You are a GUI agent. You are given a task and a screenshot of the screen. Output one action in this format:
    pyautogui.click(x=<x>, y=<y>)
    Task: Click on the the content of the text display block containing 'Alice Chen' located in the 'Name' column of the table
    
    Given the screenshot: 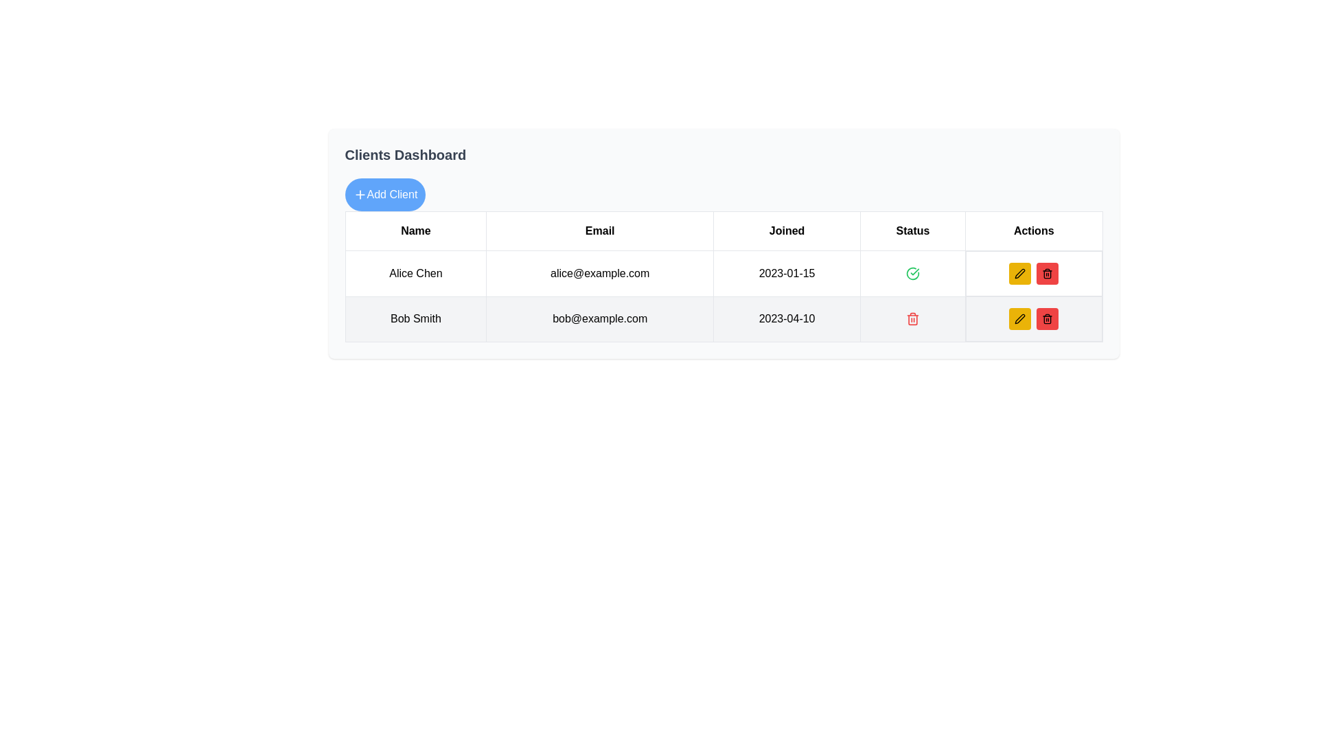 What is the action you would take?
    pyautogui.click(x=415, y=273)
    